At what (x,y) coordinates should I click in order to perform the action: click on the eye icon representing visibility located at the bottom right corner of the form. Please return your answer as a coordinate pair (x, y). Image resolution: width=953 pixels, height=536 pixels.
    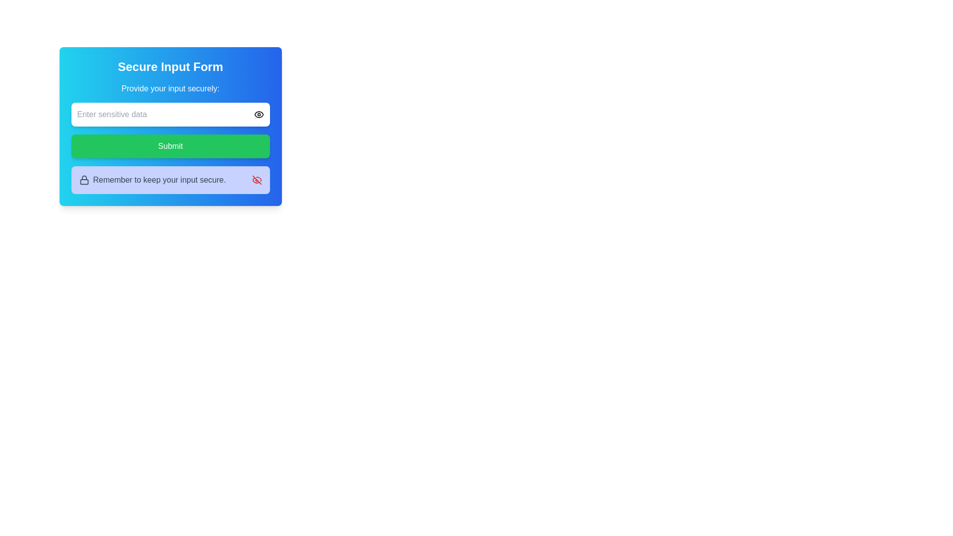
    Looking at the image, I should click on (259, 114).